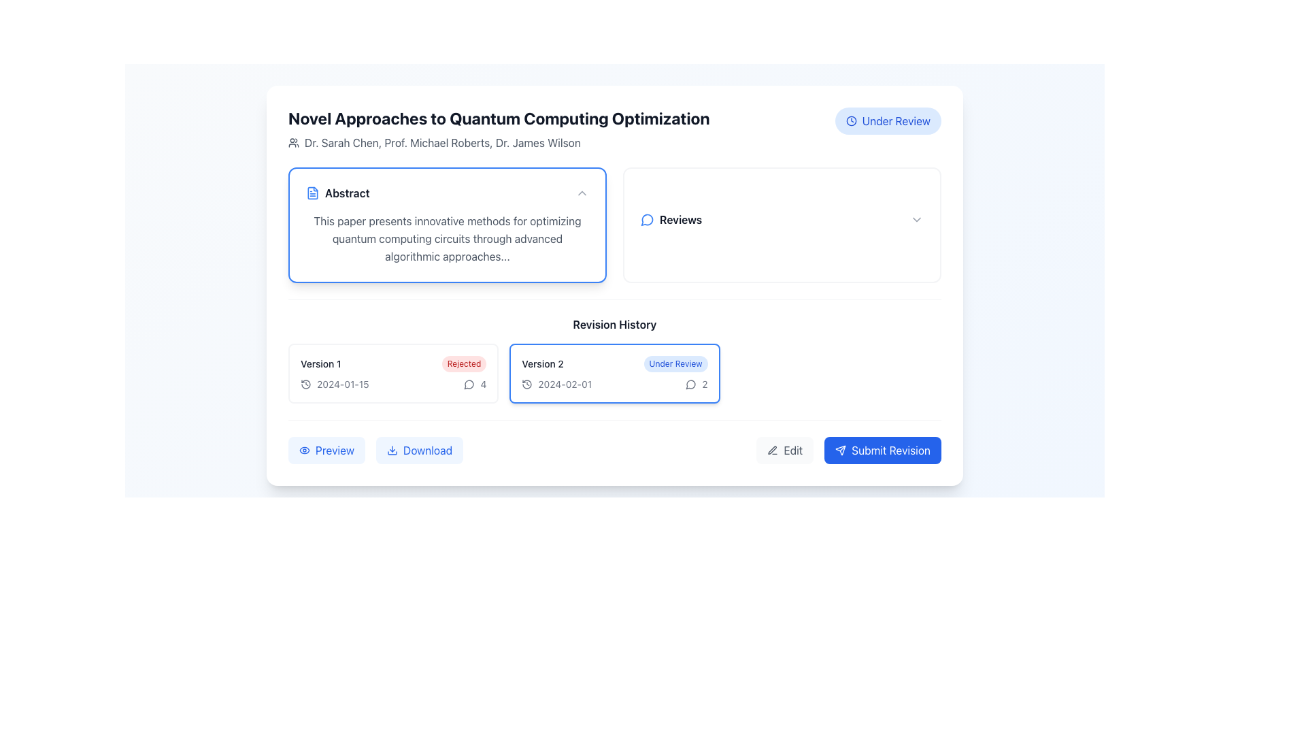 The height and width of the screenshot is (735, 1306). I want to click on the 'Version 1' text label with the red badge indicating 'rejected' status, so click(392, 363).